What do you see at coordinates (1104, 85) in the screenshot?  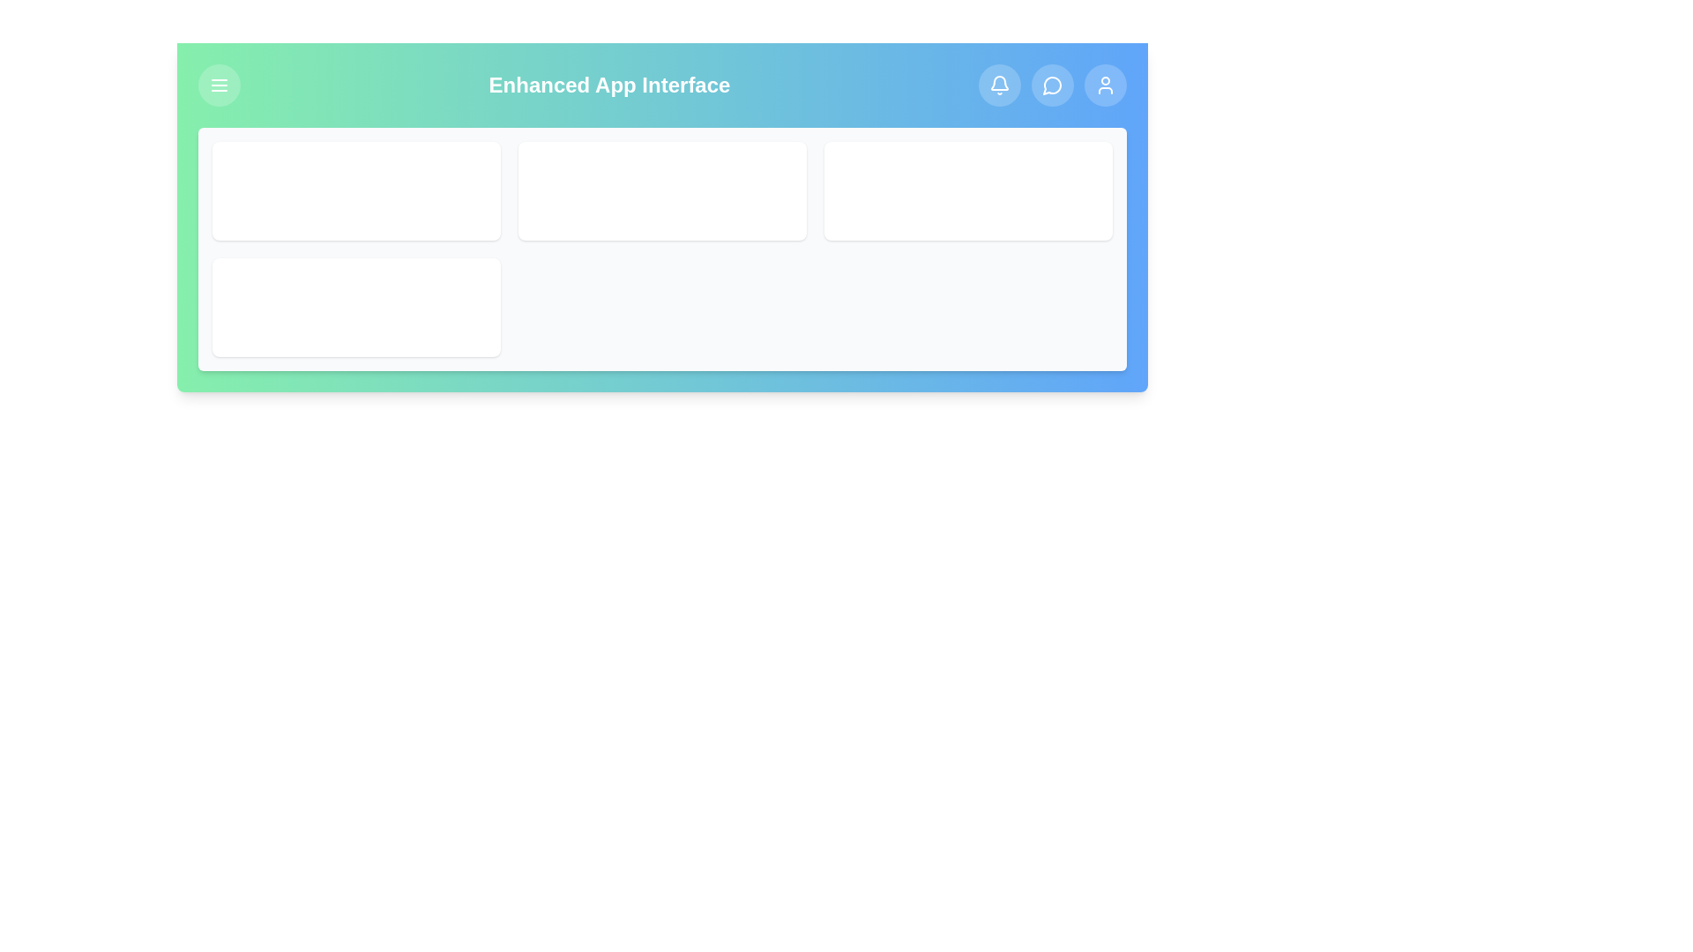 I see `the user settings button to access the user settings` at bounding box center [1104, 85].